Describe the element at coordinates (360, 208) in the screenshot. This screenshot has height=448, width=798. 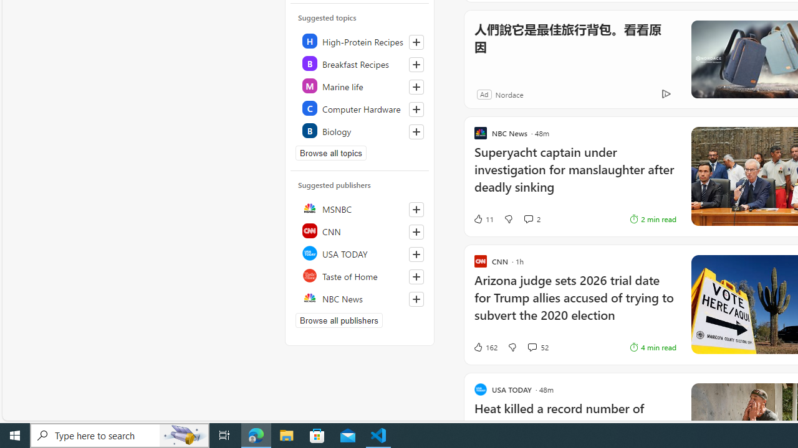
I see `'MSNBC'` at that location.